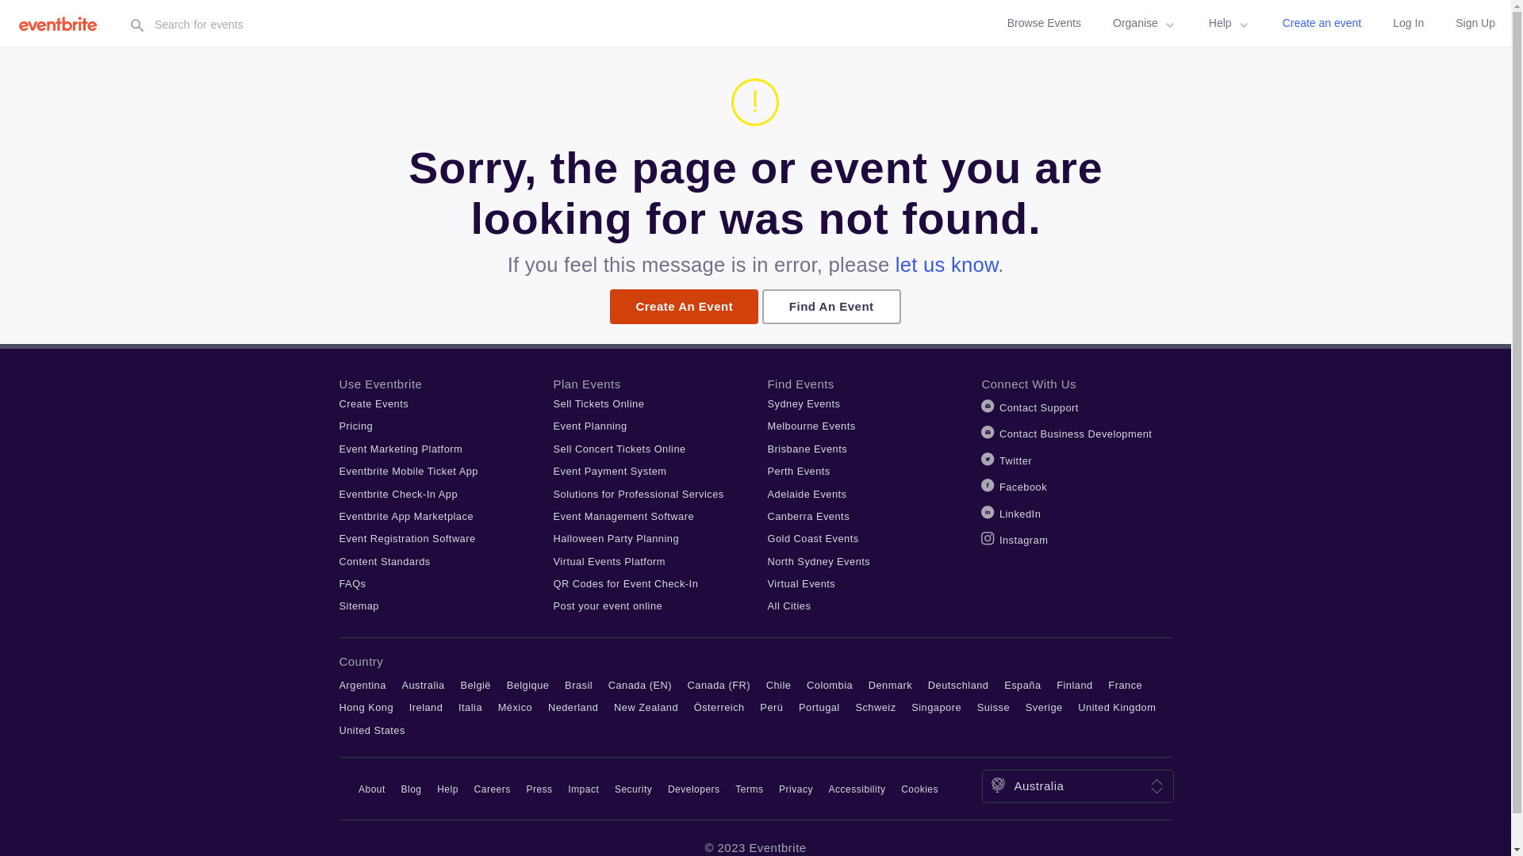 The height and width of the screenshot is (856, 1523). Describe the element at coordinates (1044, 706) in the screenshot. I see `'Sverige'` at that location.